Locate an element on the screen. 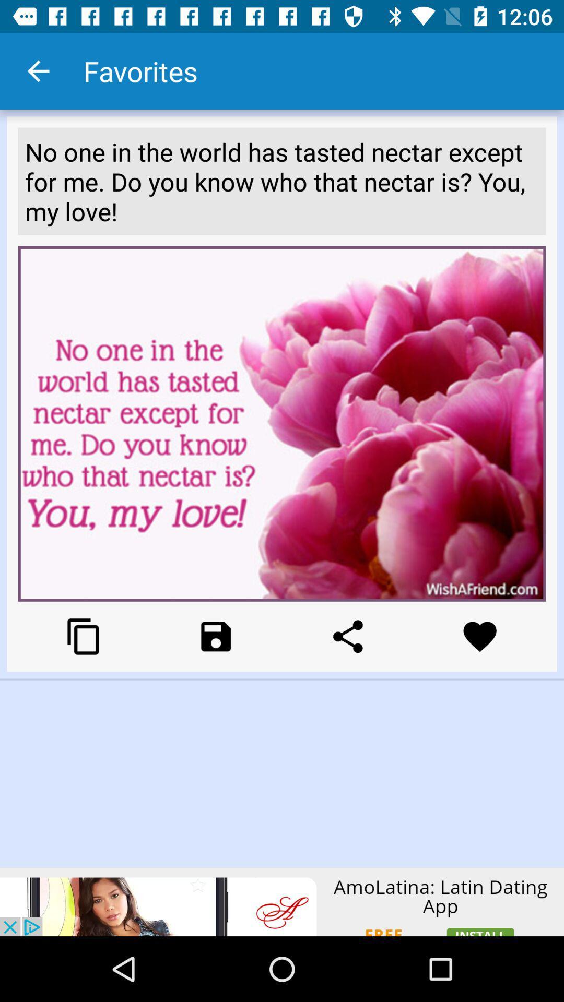  share the article is located at coordinates (348, 636).